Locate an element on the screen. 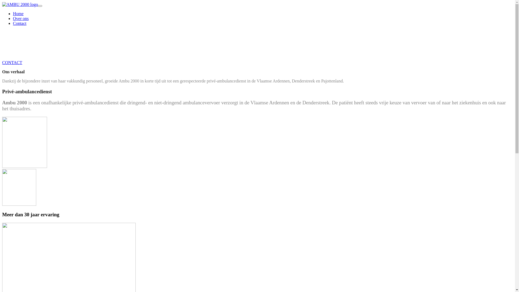  'CONTACT' is located at coordinates (2, 62).